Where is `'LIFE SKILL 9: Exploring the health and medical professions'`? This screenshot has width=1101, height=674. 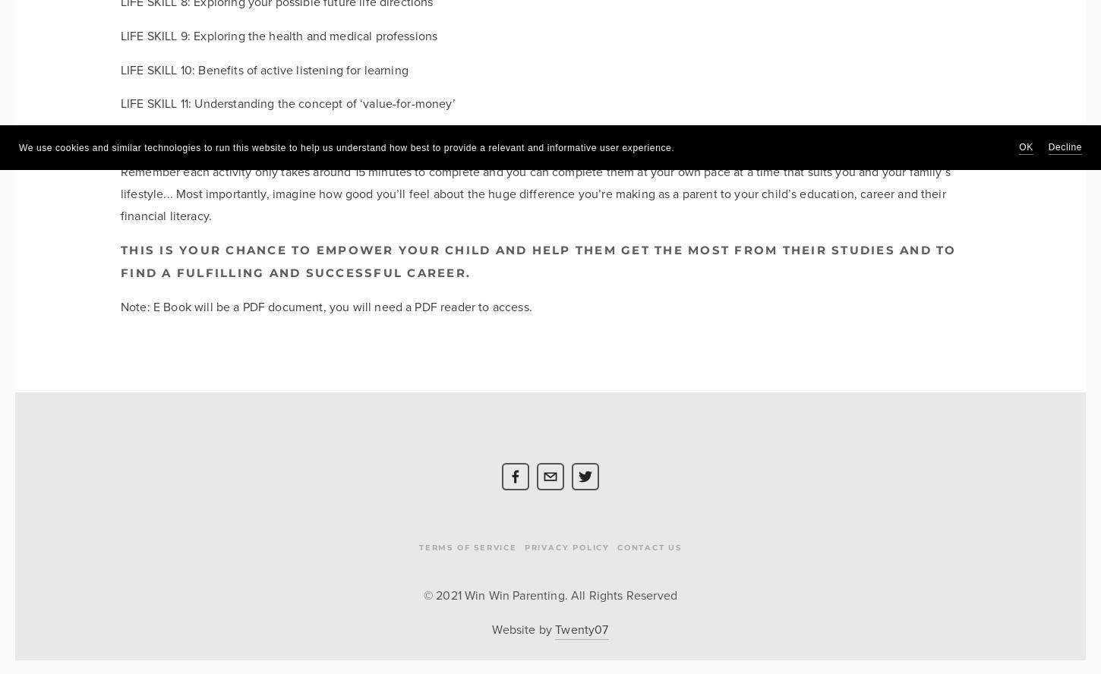
'LIFE SKILL 9: Exploring the health and medical professions' is located at coordinates (278, 35).